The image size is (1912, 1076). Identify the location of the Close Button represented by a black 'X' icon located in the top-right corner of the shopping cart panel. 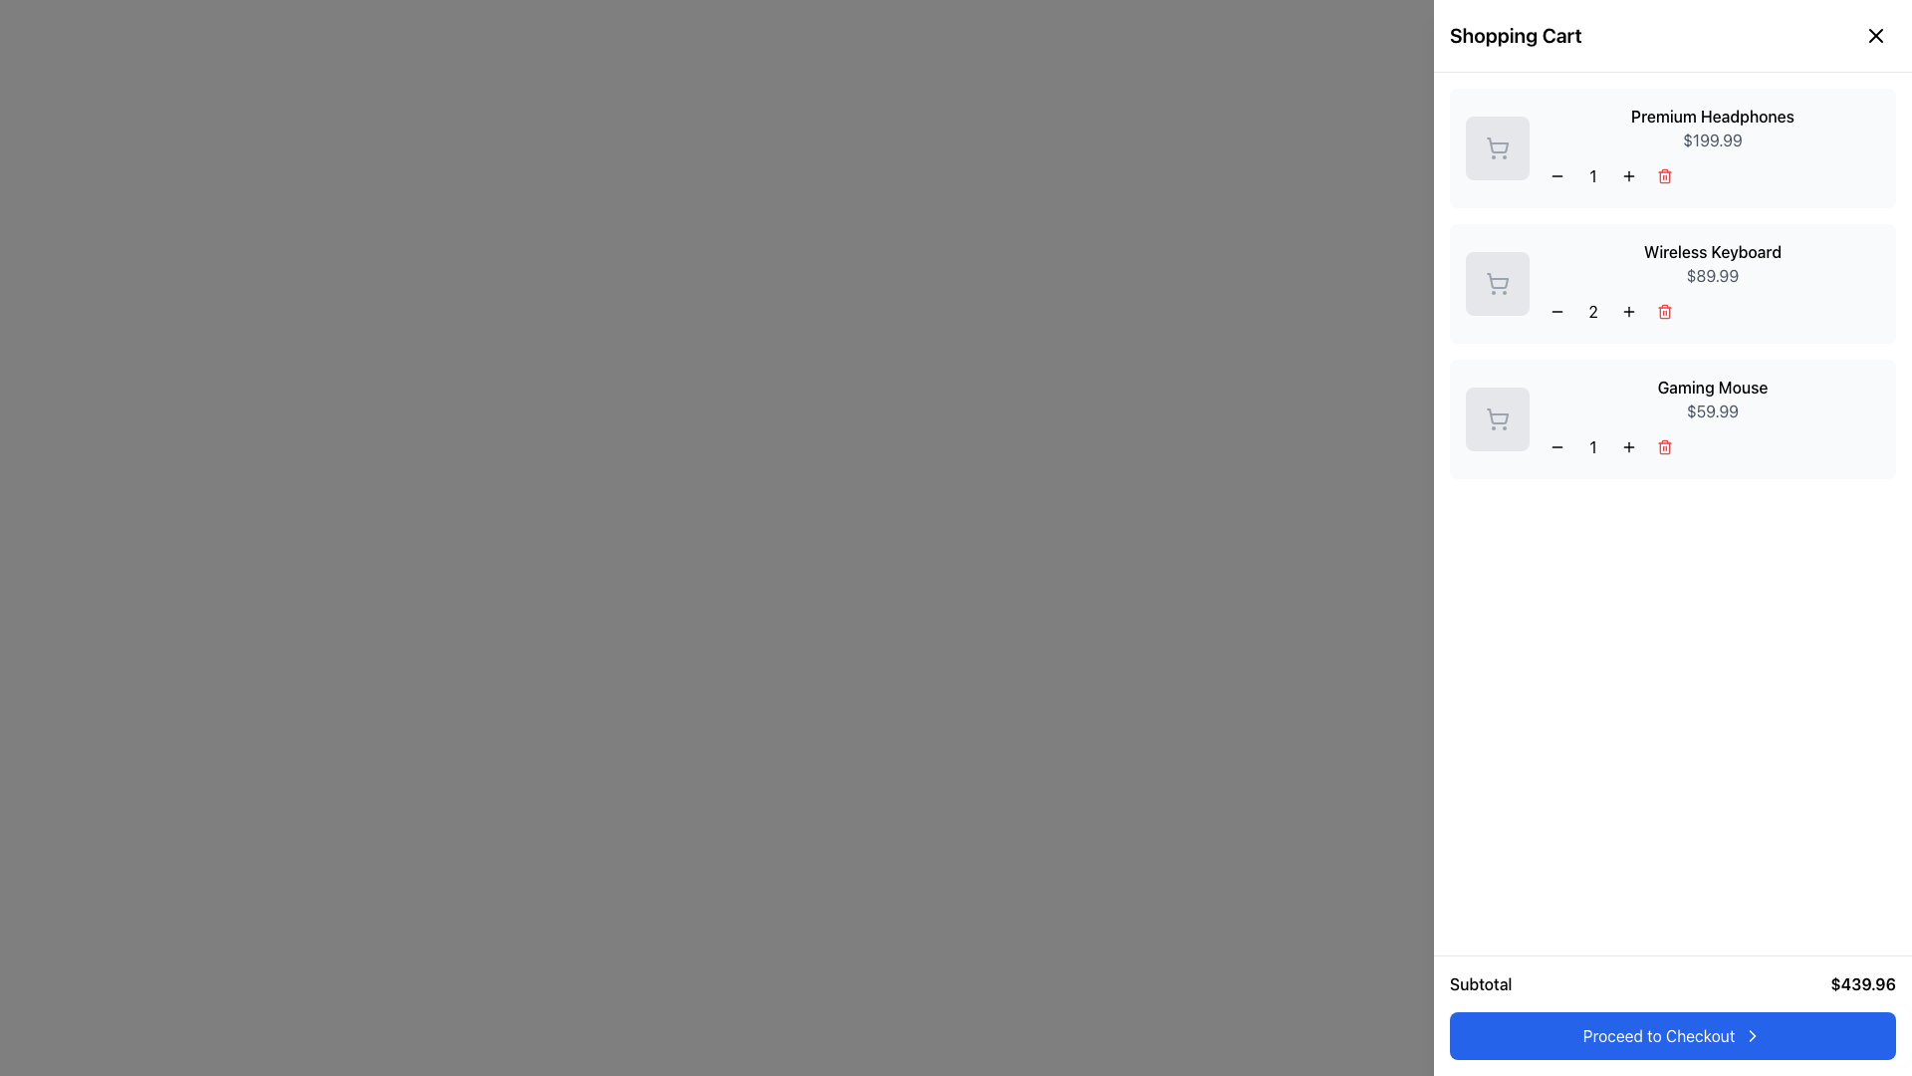
(1874, 35).